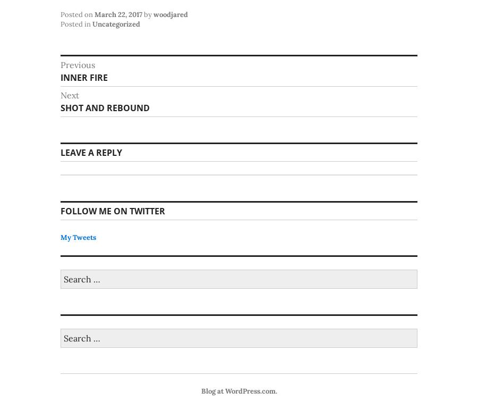 This screenshot has width=478, height=409. Describe the element at coordinates (76, 24) in the screenshot. I see `'Posted in'` at that location.